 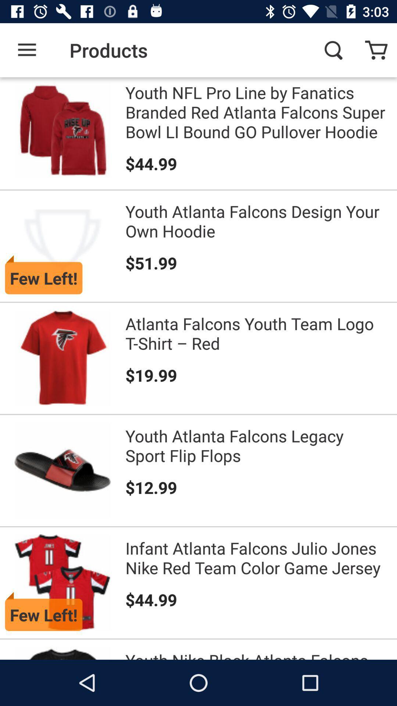 What do you see at coordinates (26, 50) in the screenshot?
I see `item next to products` at bounding box center [26, 50].